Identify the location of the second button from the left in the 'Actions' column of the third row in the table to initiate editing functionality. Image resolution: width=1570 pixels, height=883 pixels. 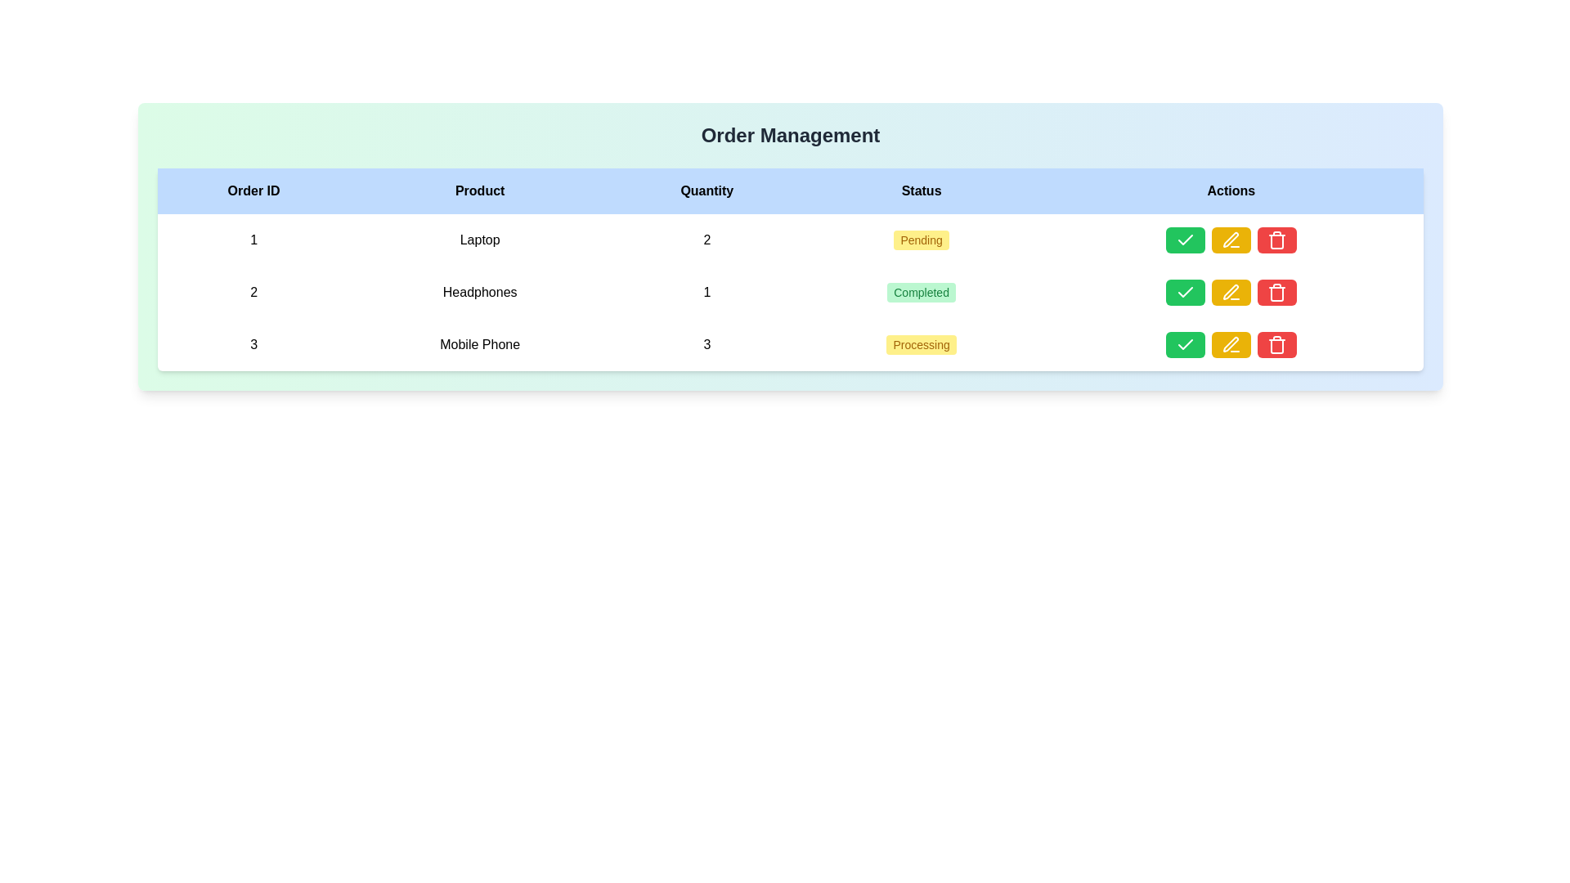
(1231, 343).